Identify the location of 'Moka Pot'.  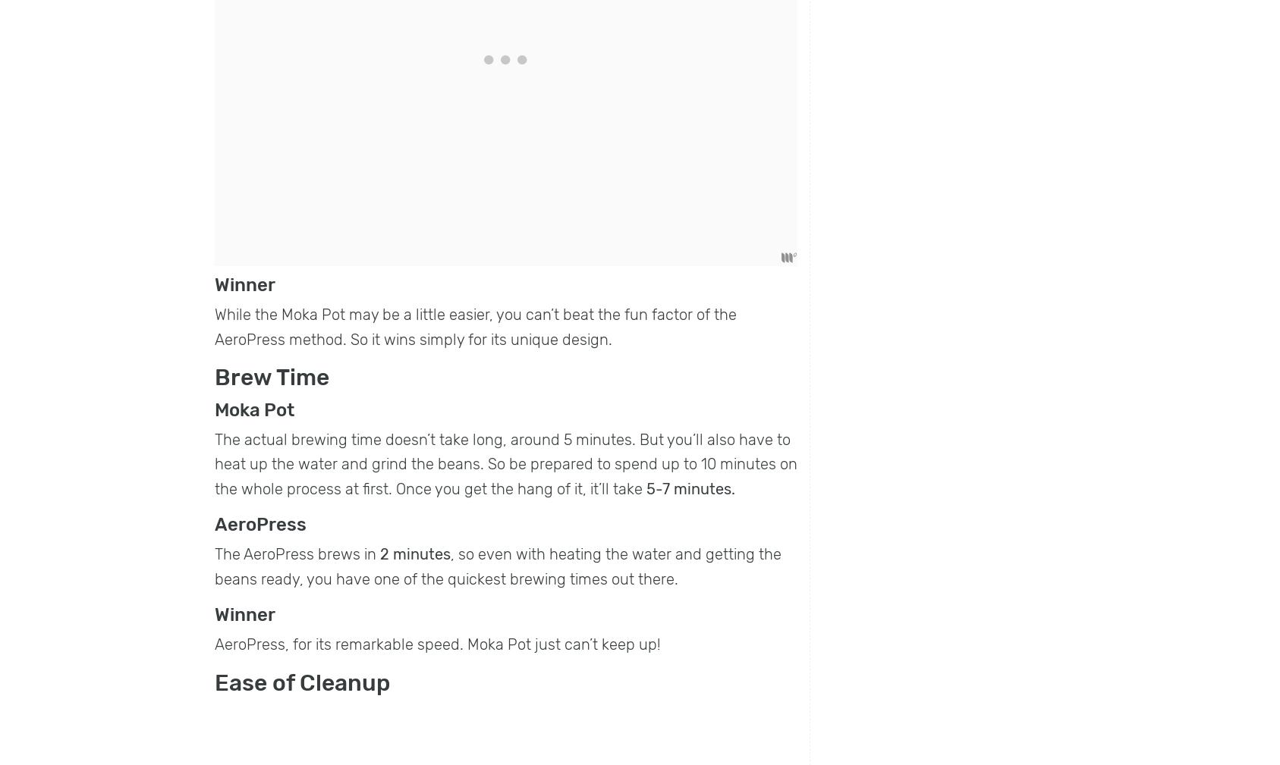
(253, 409).